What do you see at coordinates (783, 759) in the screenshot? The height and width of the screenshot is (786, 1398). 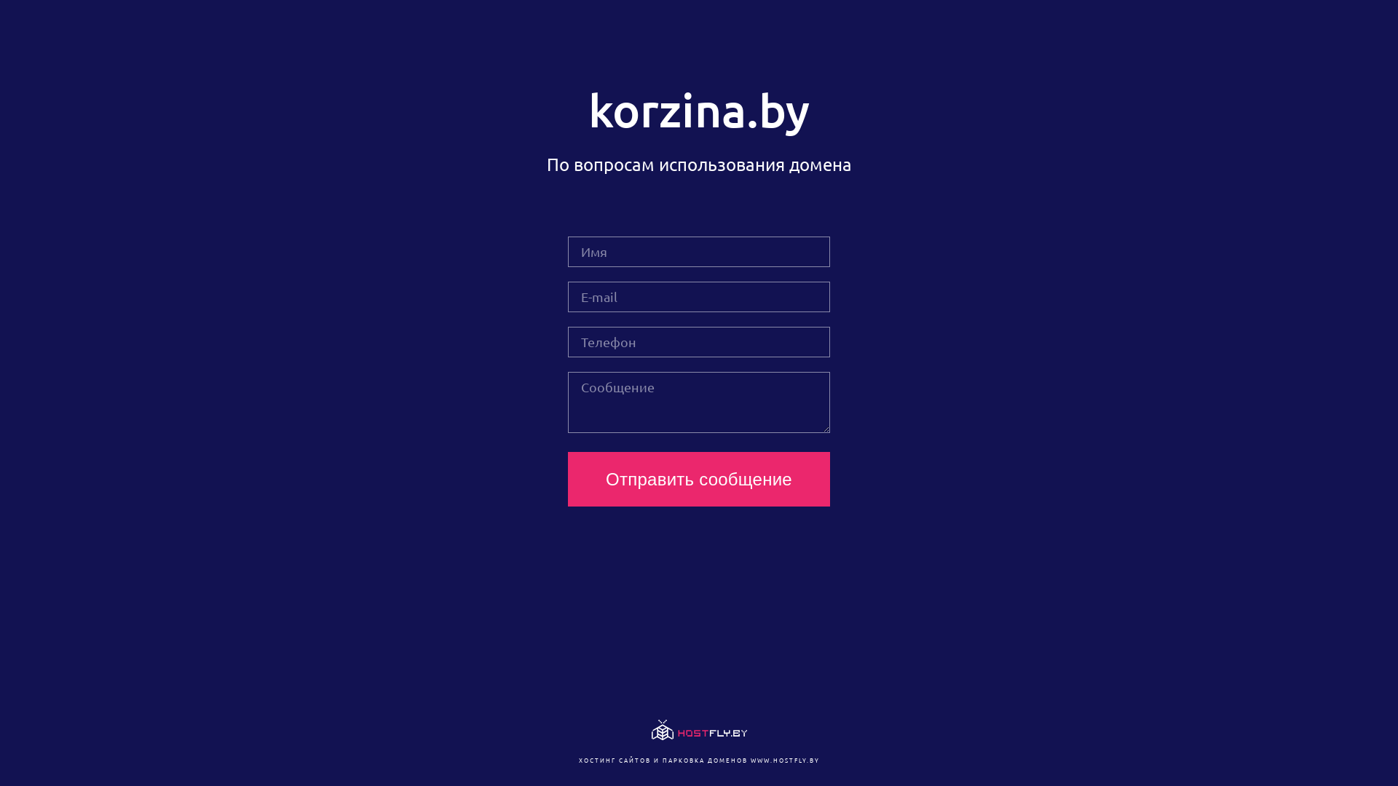 I see `'WWW.HOSTFLY.BY'` at bounding box center [783, 759].